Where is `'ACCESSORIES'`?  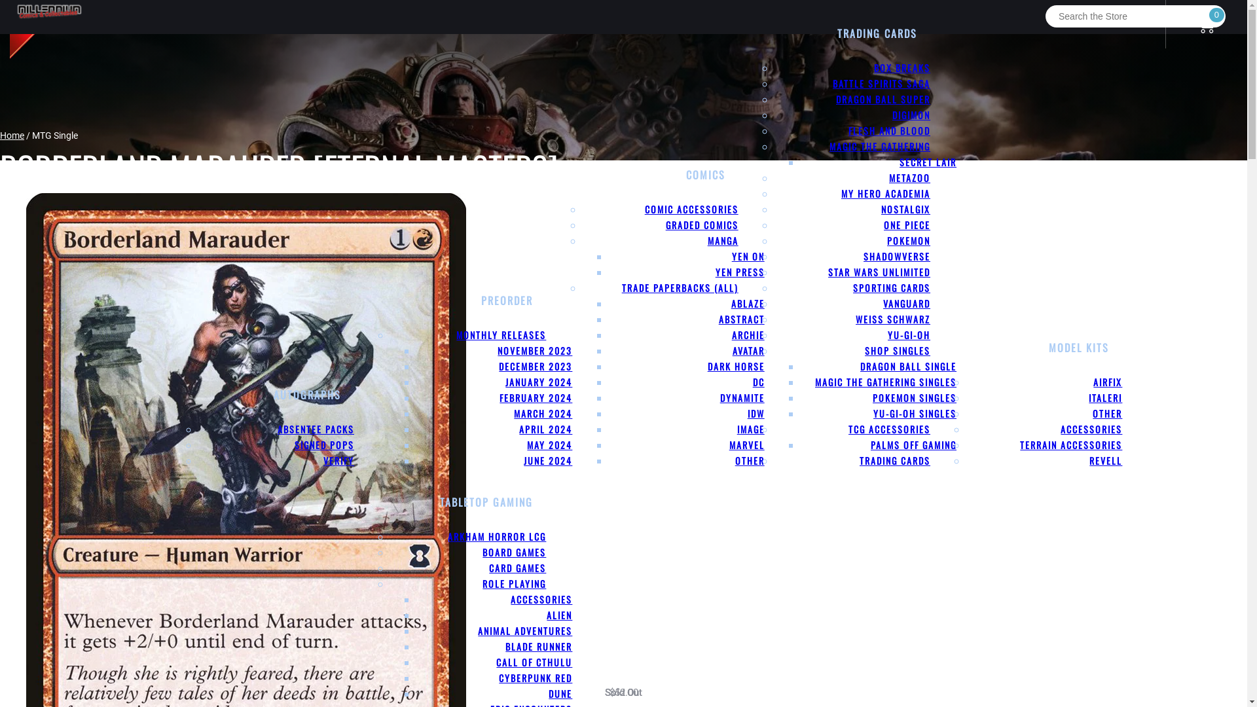
'ACCESSORIES' is located at coordinates (541, 599).